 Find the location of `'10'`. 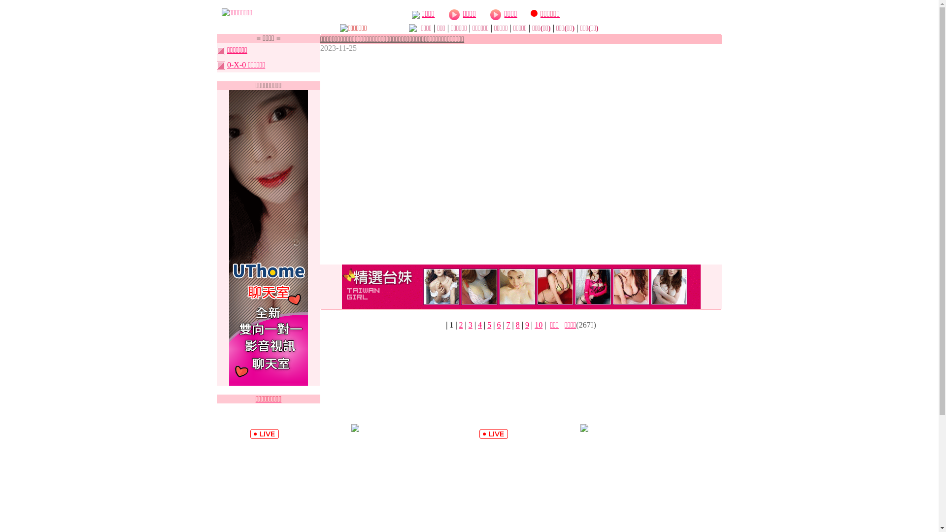

'10' is located at coordinates (534, 325).